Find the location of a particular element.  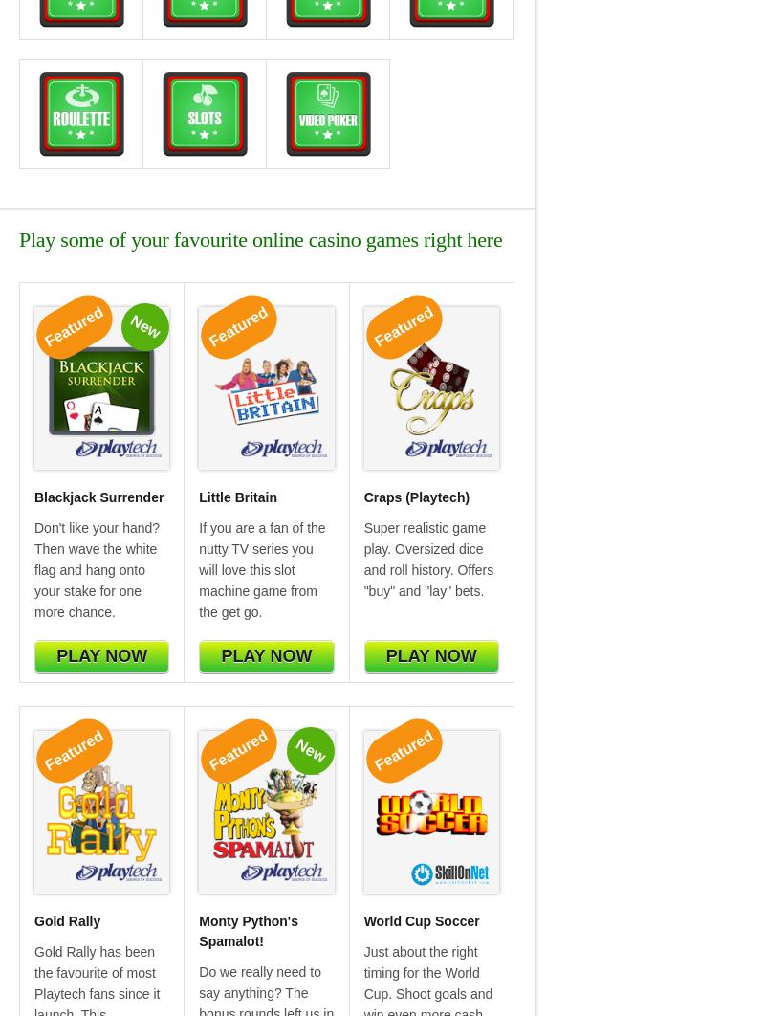

'If you are a fan of the nutty TV series you will love this slot machine game from the get go.' is located at coordinates (262, 569).